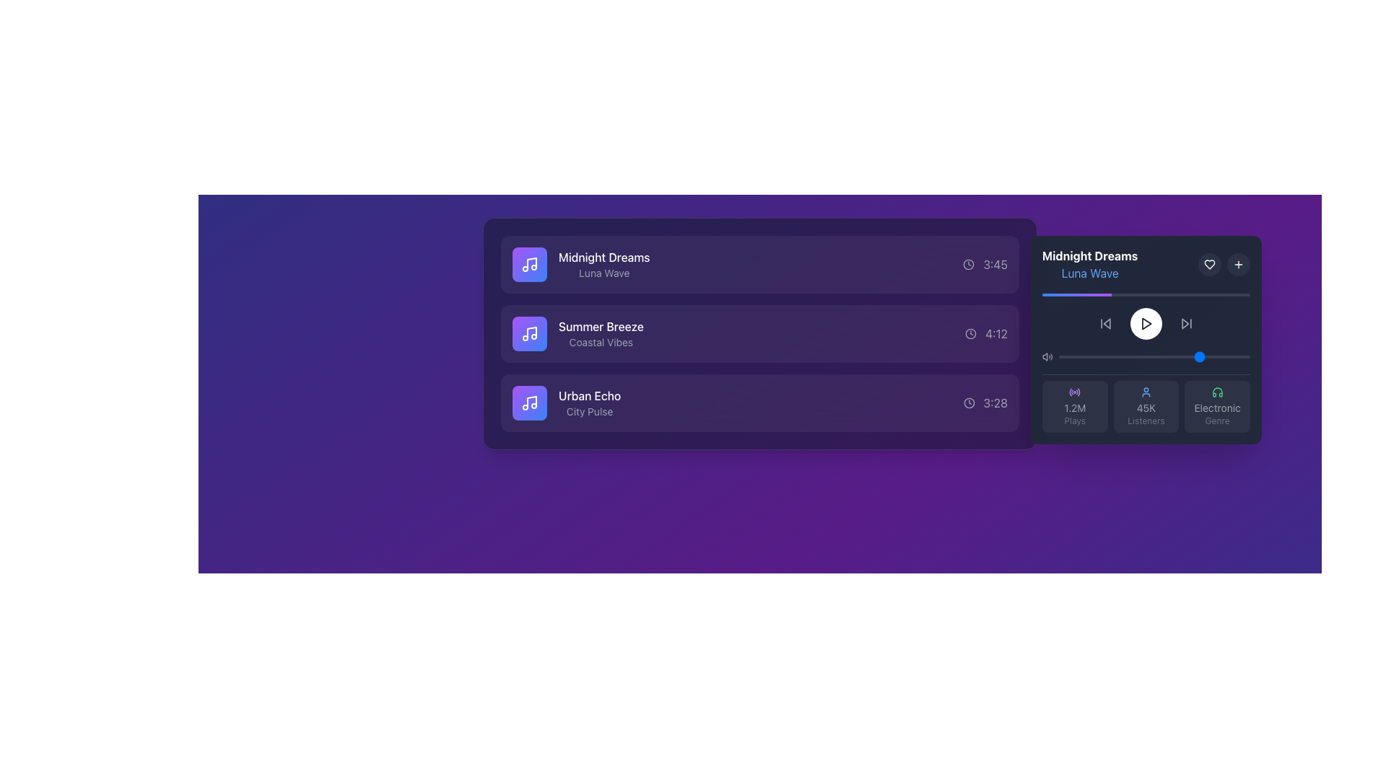 This screenshot has width=1386, height=779. I want to click on the text label that displays the title 'Urban Echo' and subtitle 'City Pulse', positioned in a vertical list below 'Summer Breeze' and 'Coastal Vibes', so click(590, 403).